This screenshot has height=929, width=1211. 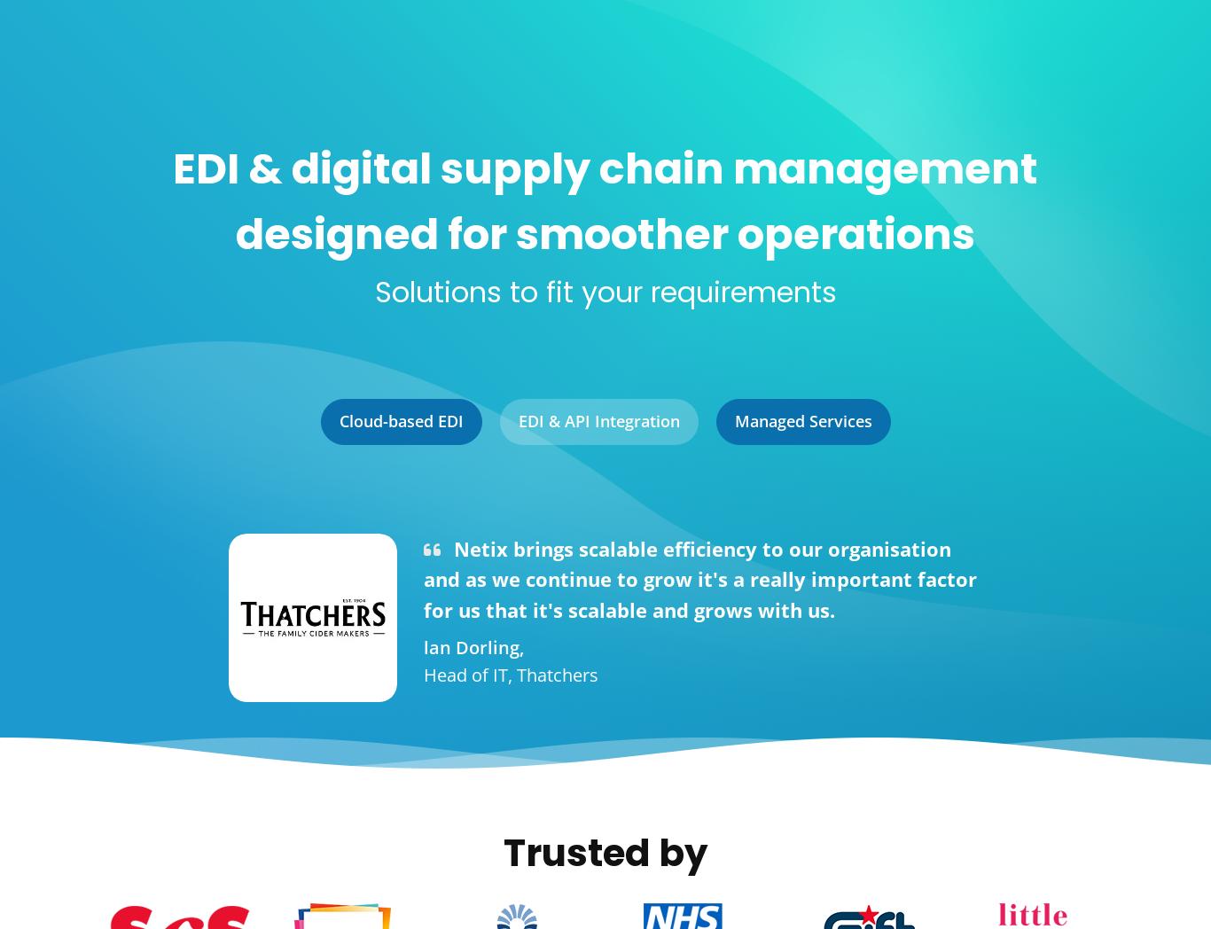 I want to click on 'Have you recently won a contract with Superdrug and are looking for guidance on how to connect via EDI? Read our latest article, where we explain Superdrug's EDI onboarding process and what you need to do to connect via Tradacoms.', so click(x=793, y=771).